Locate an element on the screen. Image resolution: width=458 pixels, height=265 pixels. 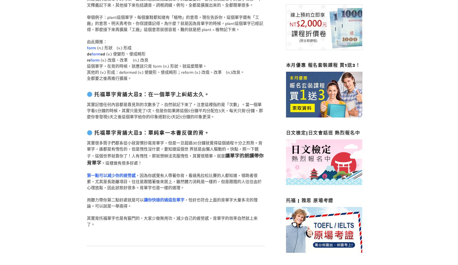
'英日文 平日/密集/假日班 開課中' is located at coordinates (323, 258).